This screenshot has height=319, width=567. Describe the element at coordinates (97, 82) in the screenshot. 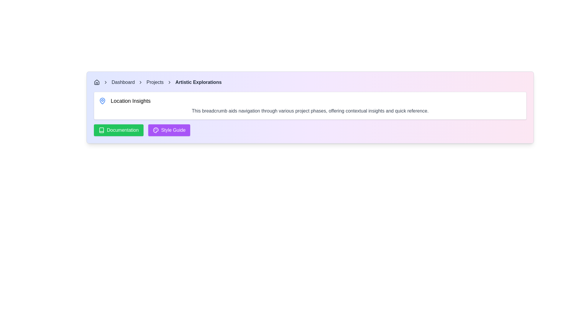

I see `the house icon in the breadcrumb navigation bar` at that location.